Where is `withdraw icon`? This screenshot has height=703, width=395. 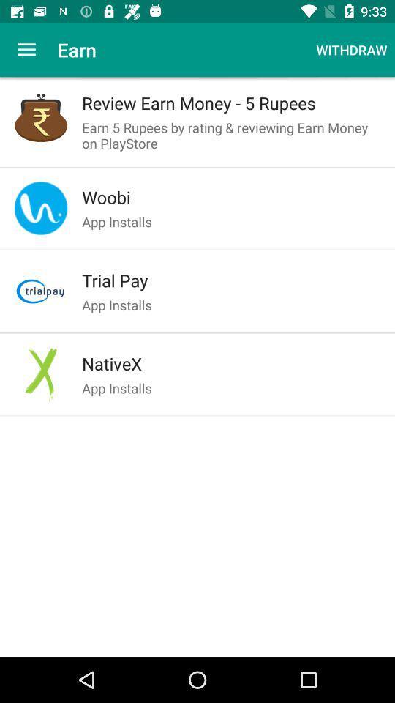
withdraw icon is located at coordinates (350, 50).